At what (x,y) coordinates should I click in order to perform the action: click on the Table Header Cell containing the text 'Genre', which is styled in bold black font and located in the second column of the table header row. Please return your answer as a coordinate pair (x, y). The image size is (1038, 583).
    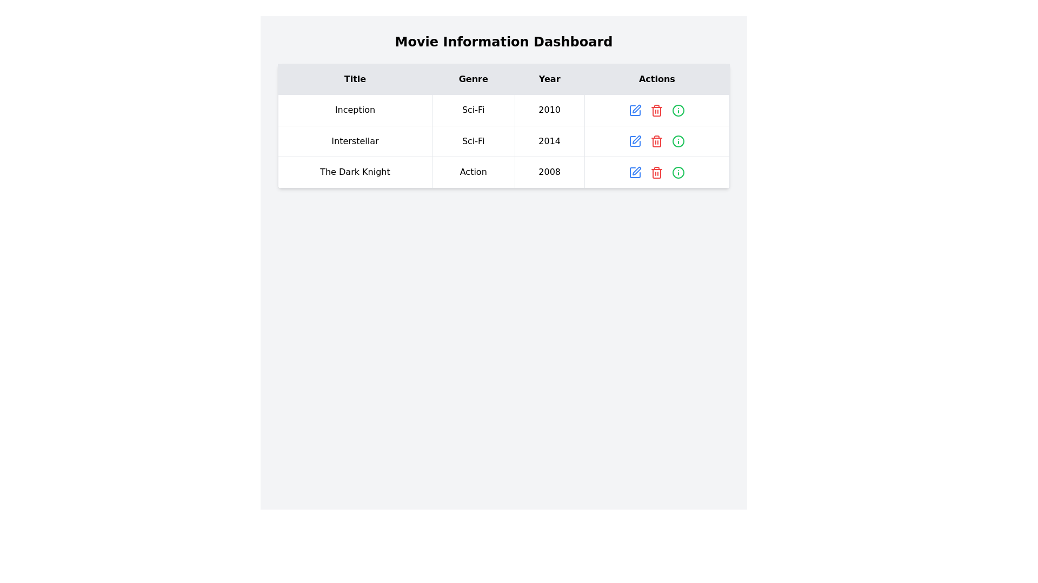
    Looking at the image, I should click on (473, 78).